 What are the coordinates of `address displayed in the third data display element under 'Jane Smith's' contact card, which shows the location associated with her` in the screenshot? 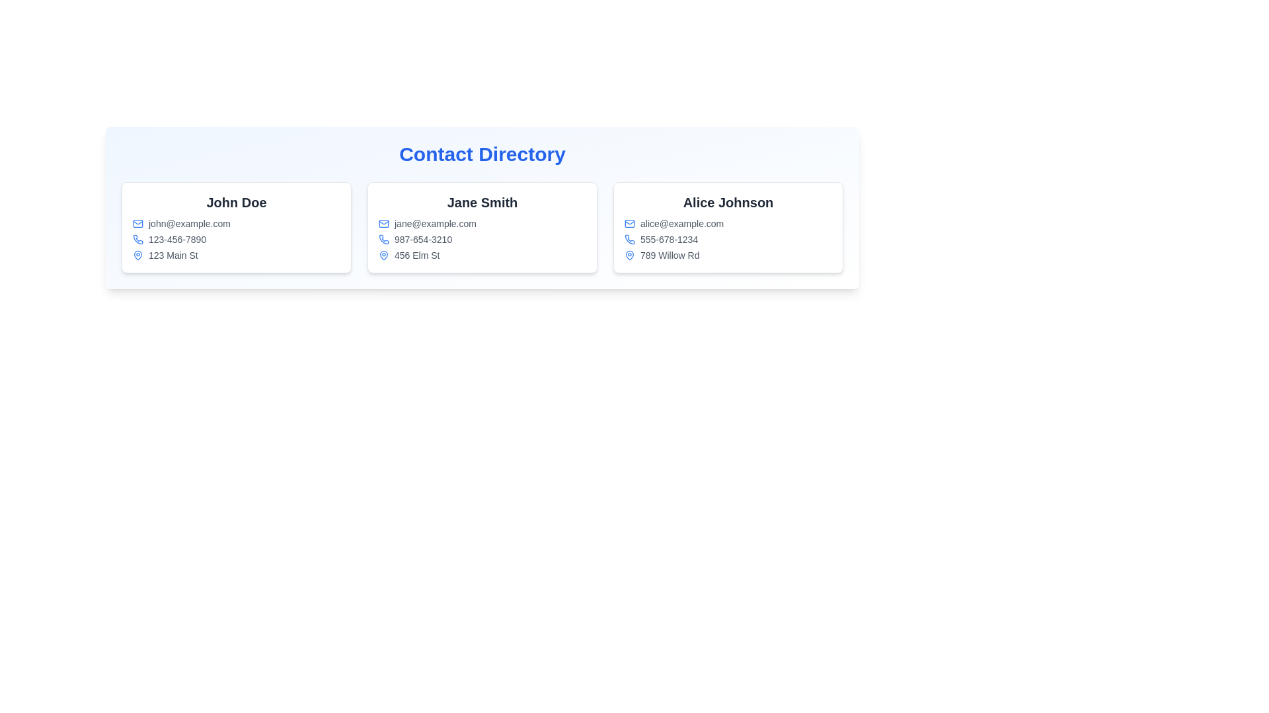 It's located at (481, 255).